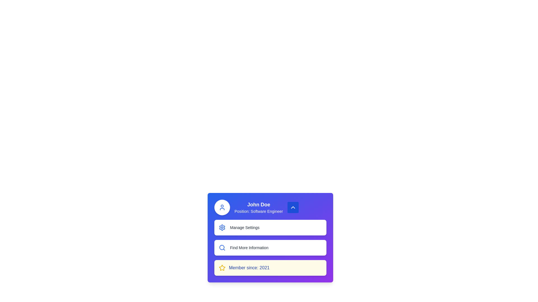 The image size is (538, 302). I want to click on the star graphic icon located at the bottom-right corner of the 'Member since: 2021' section, which is the sole focus in that segment, so click(222, 267).